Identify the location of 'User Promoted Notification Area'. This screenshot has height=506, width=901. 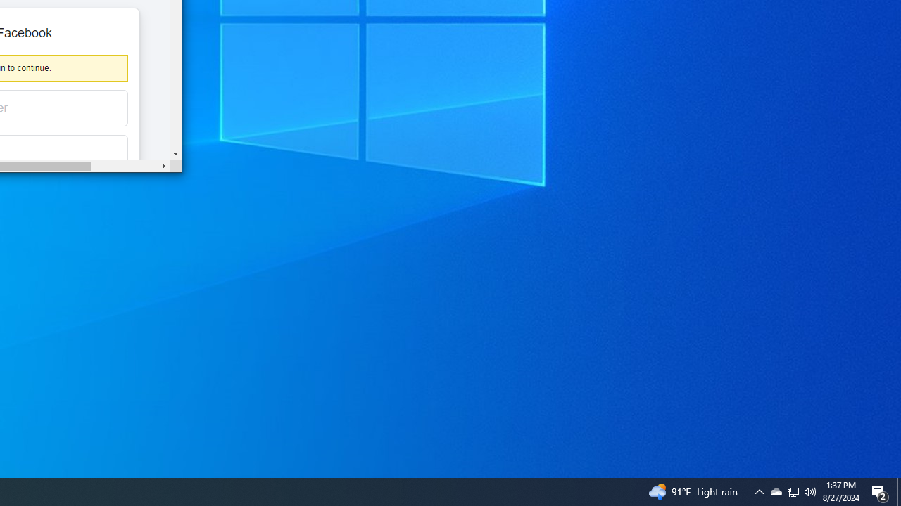
(793, 491).